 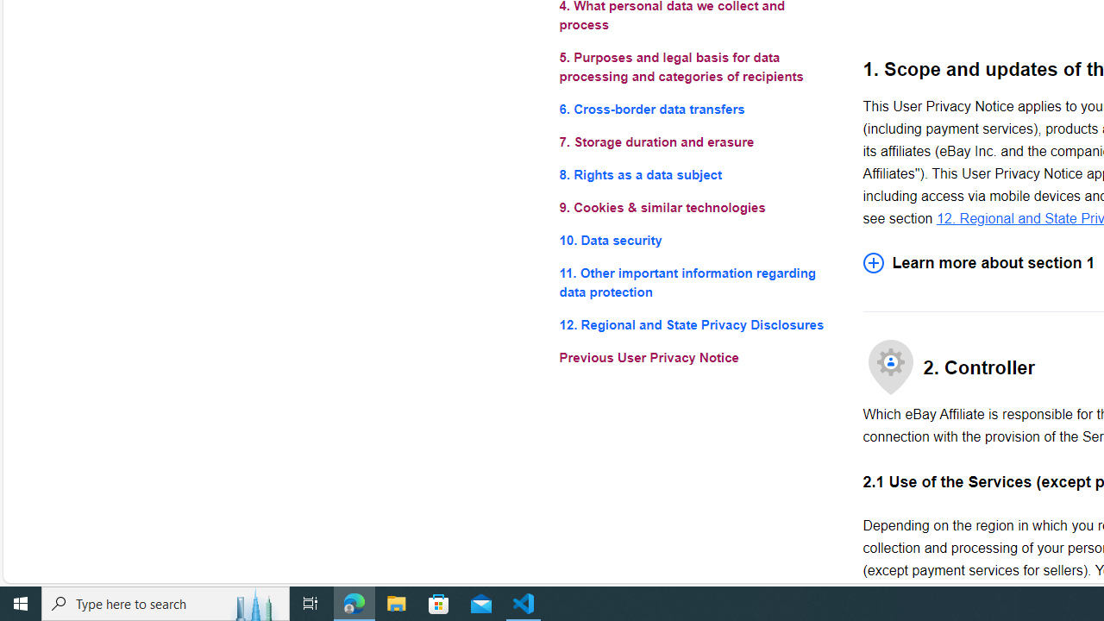 What do you see at coordinates (697, 207) in the screenshot?
I see `'9. Cookies & similar technologies'` at bounding box center [697, 207].